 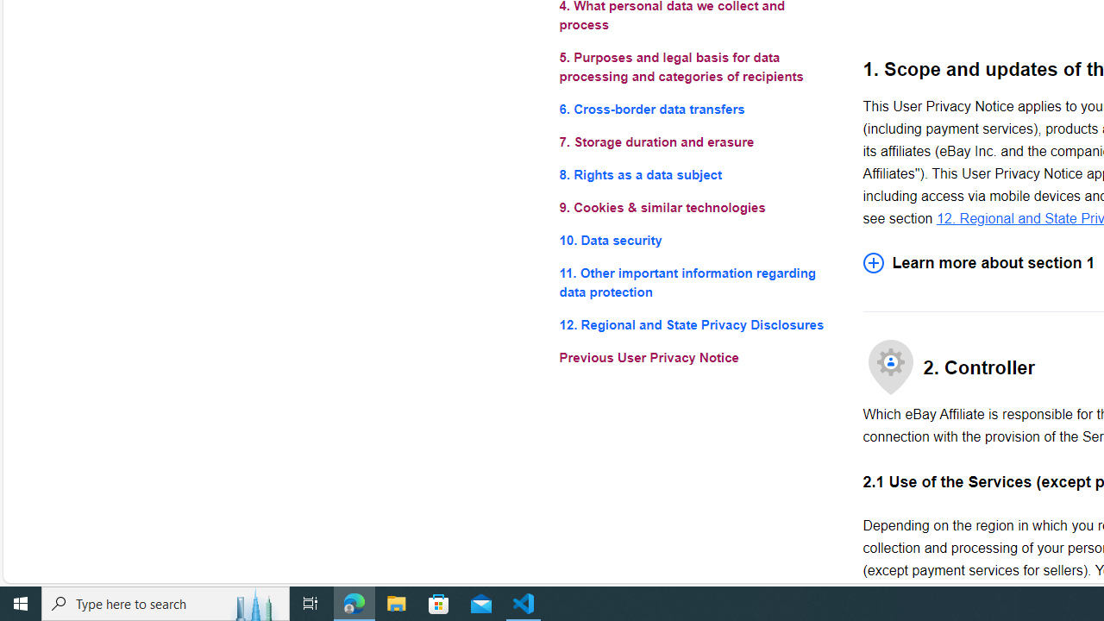 What do you see at coordinates (697, 207) in the screenshot?
I see `'9. Cookies & similar technologies'` at bounding box center [697, 207].